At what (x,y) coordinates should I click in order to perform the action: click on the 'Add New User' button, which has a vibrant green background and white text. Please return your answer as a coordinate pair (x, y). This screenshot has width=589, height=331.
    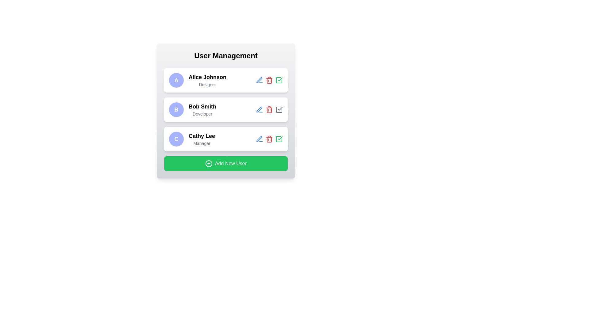
    Looking at the image, I should click on (225, 163).